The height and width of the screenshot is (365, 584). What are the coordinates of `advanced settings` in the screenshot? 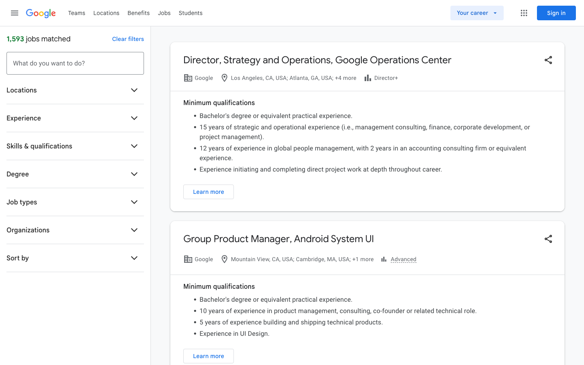 It's located at (398, 259).